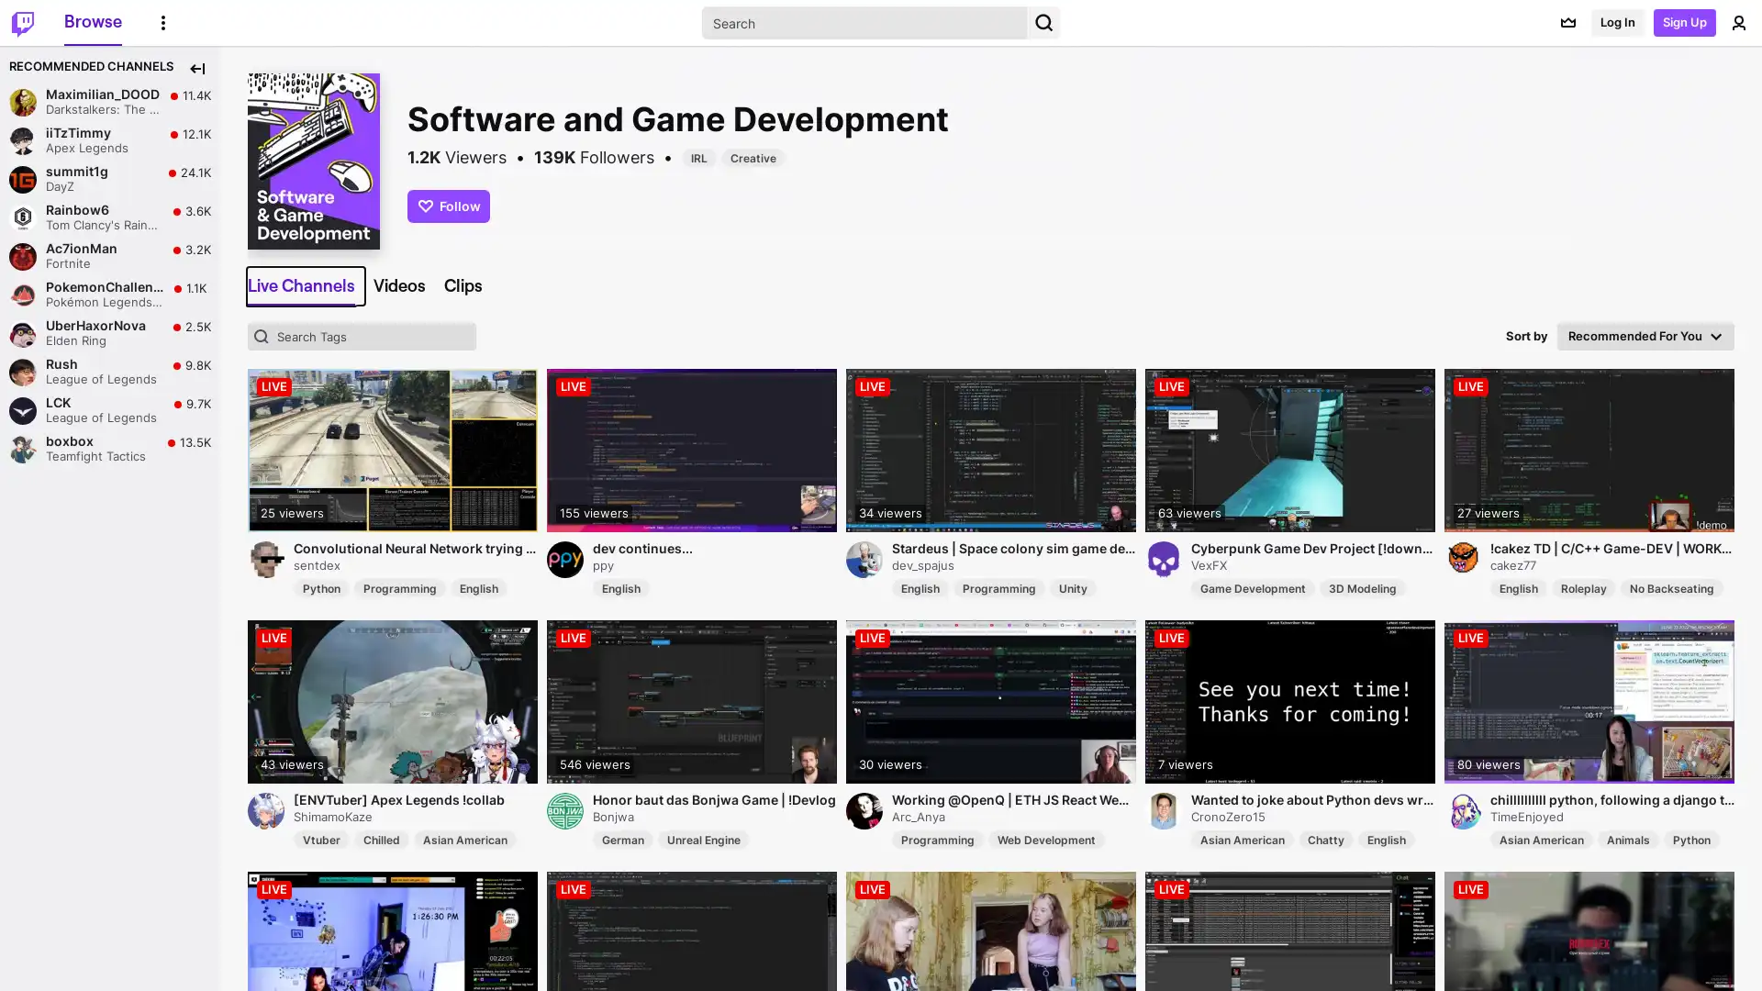 Image resolution: width=1762 pixels, height=991 pixels. Describe the element at coordinates (1675, 962) in the screenshot. I see `Sign Up` at that location.